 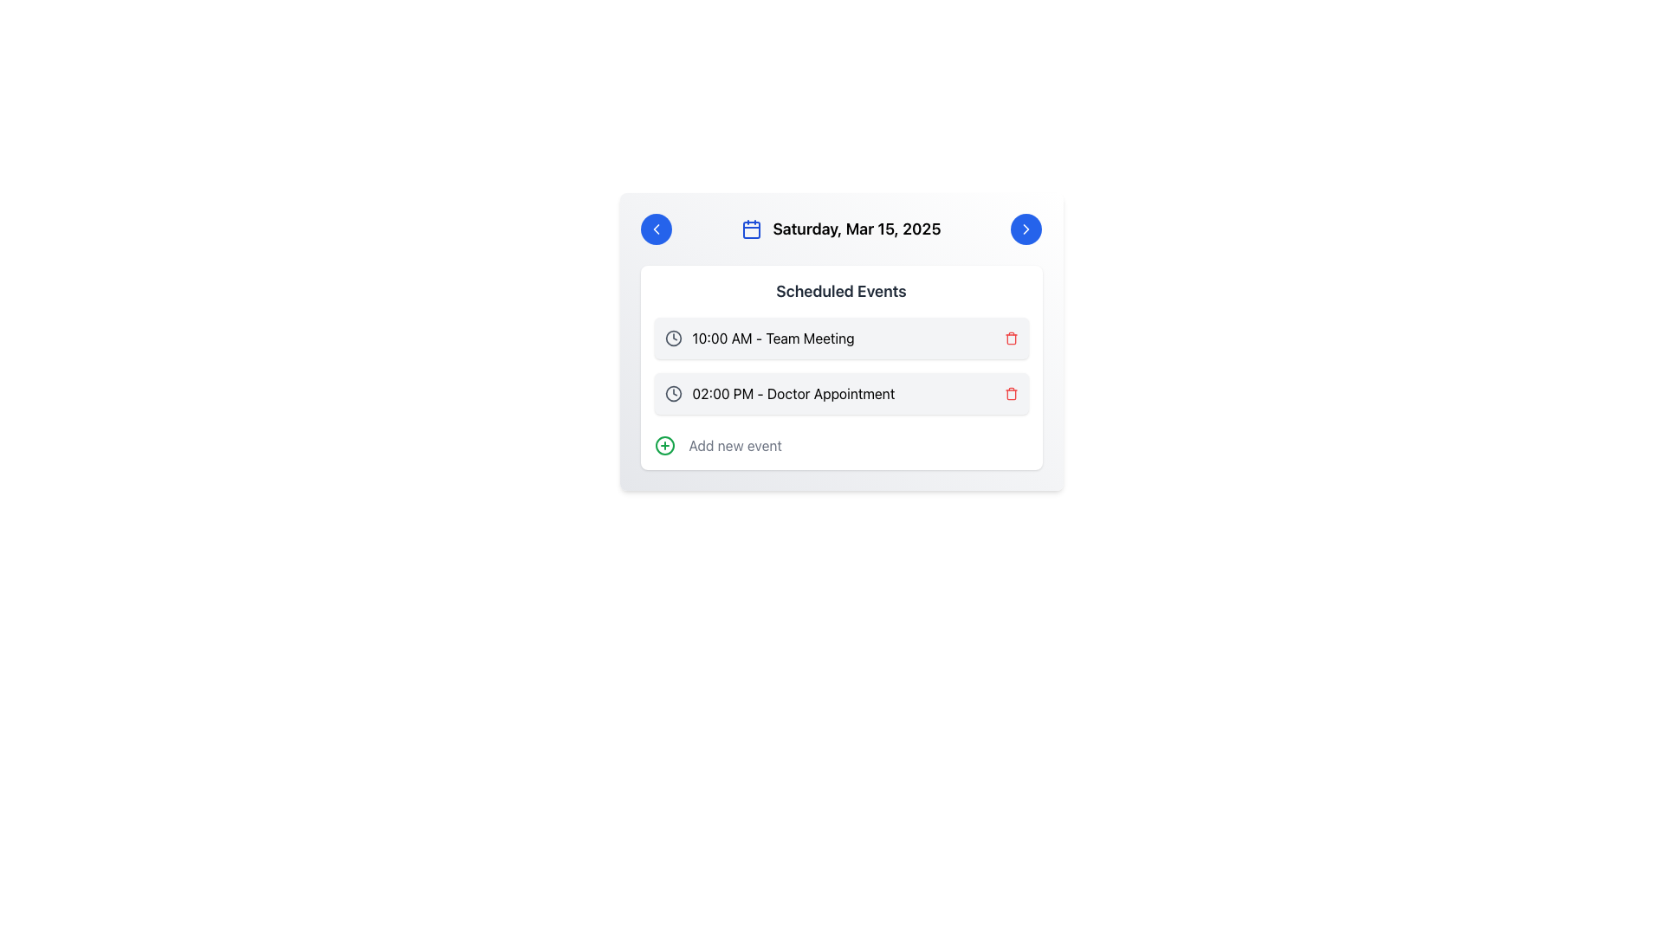 What do you see at coordinates (841, 229) in the screenshot?
I see `the Date Display element in the header section of the card layout, which indicates the selected date for related events` at bounding box center [841, 229].